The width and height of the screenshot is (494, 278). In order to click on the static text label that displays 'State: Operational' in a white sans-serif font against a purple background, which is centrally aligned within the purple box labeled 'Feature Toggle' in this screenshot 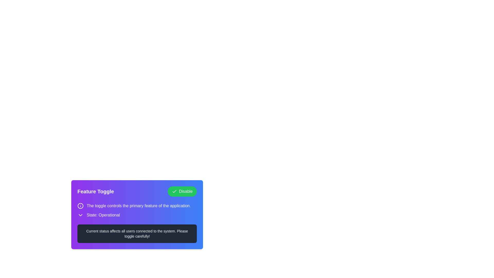, I will do `click(103, 215)`.